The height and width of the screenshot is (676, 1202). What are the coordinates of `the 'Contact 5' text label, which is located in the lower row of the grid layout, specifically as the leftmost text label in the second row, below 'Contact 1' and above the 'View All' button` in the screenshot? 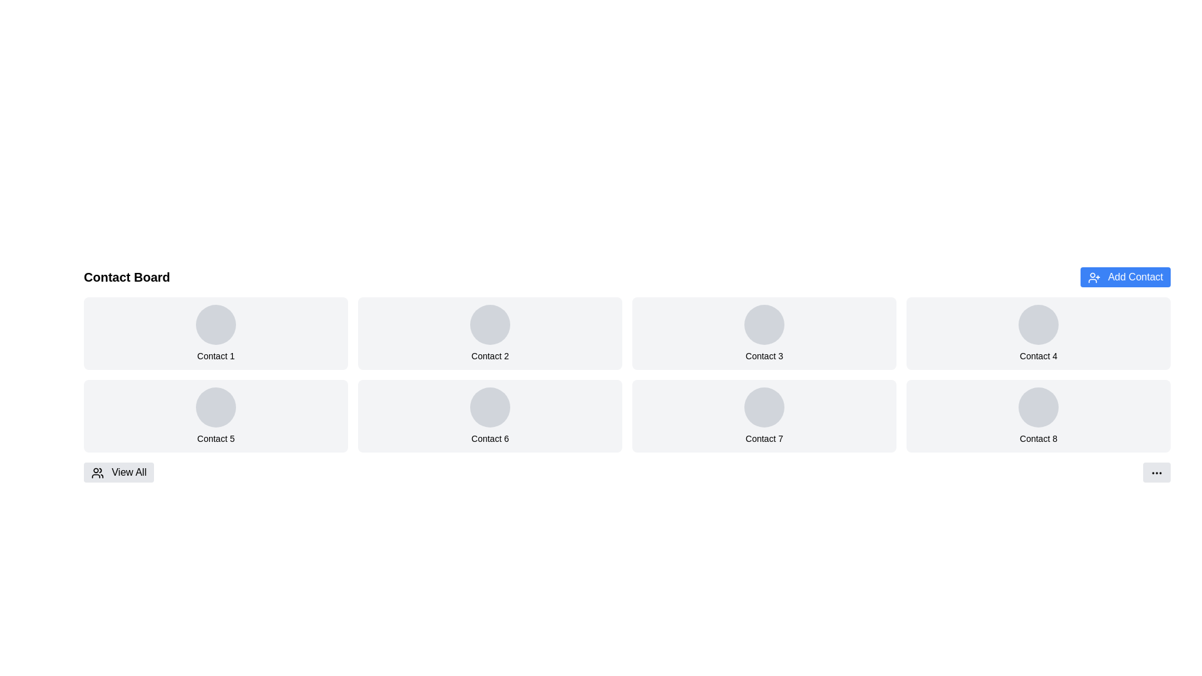 It's located at (216, 438).